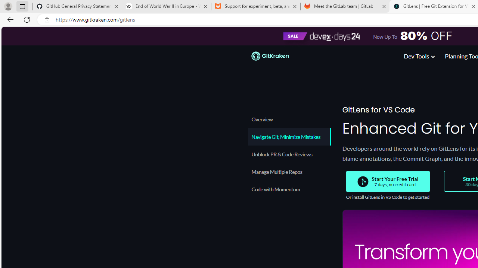  Describe the element at coordinates (289, 137) in the screenshot. I see `'Navigate Git, Minimize Mistakes'` at that location.